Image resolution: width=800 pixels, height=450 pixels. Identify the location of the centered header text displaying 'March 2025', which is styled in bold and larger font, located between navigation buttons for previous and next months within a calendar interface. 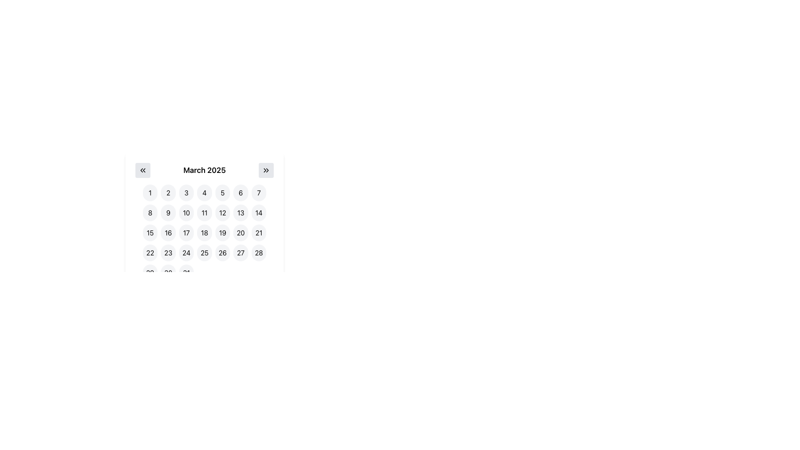
(204, 170).